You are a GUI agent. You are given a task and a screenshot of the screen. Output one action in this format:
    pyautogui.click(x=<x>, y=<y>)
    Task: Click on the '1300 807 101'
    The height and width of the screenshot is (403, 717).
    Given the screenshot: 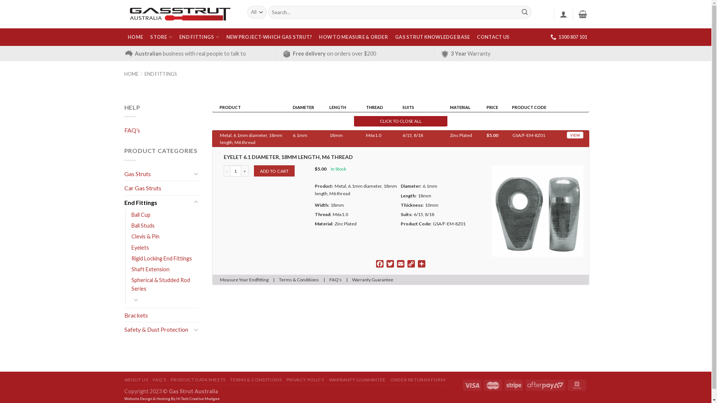 What is the action you would take?
    pyautogui.click(x=568, y=37)
    